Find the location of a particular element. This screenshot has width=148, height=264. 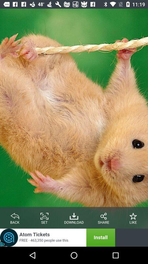

the wallpaper icon is located at coordinates (44, 215).